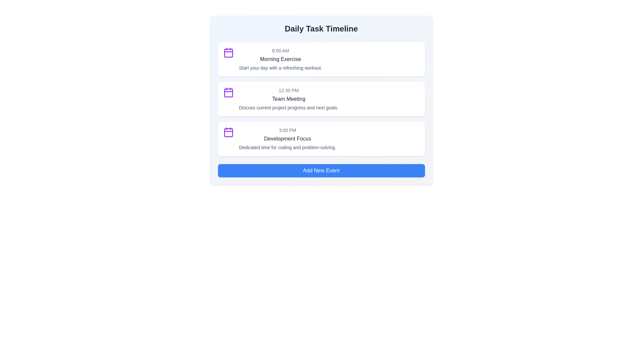 The width and height of the screenshot is (637, 358). What do you see at coordinates (321, 99) in the screenshot?
I see `the second card in the 'Daily Task Timeline' that represents a scheduled event or task, located between 'Morning Exercise' and 'Development Focus'` at bounding box center [321, 99].